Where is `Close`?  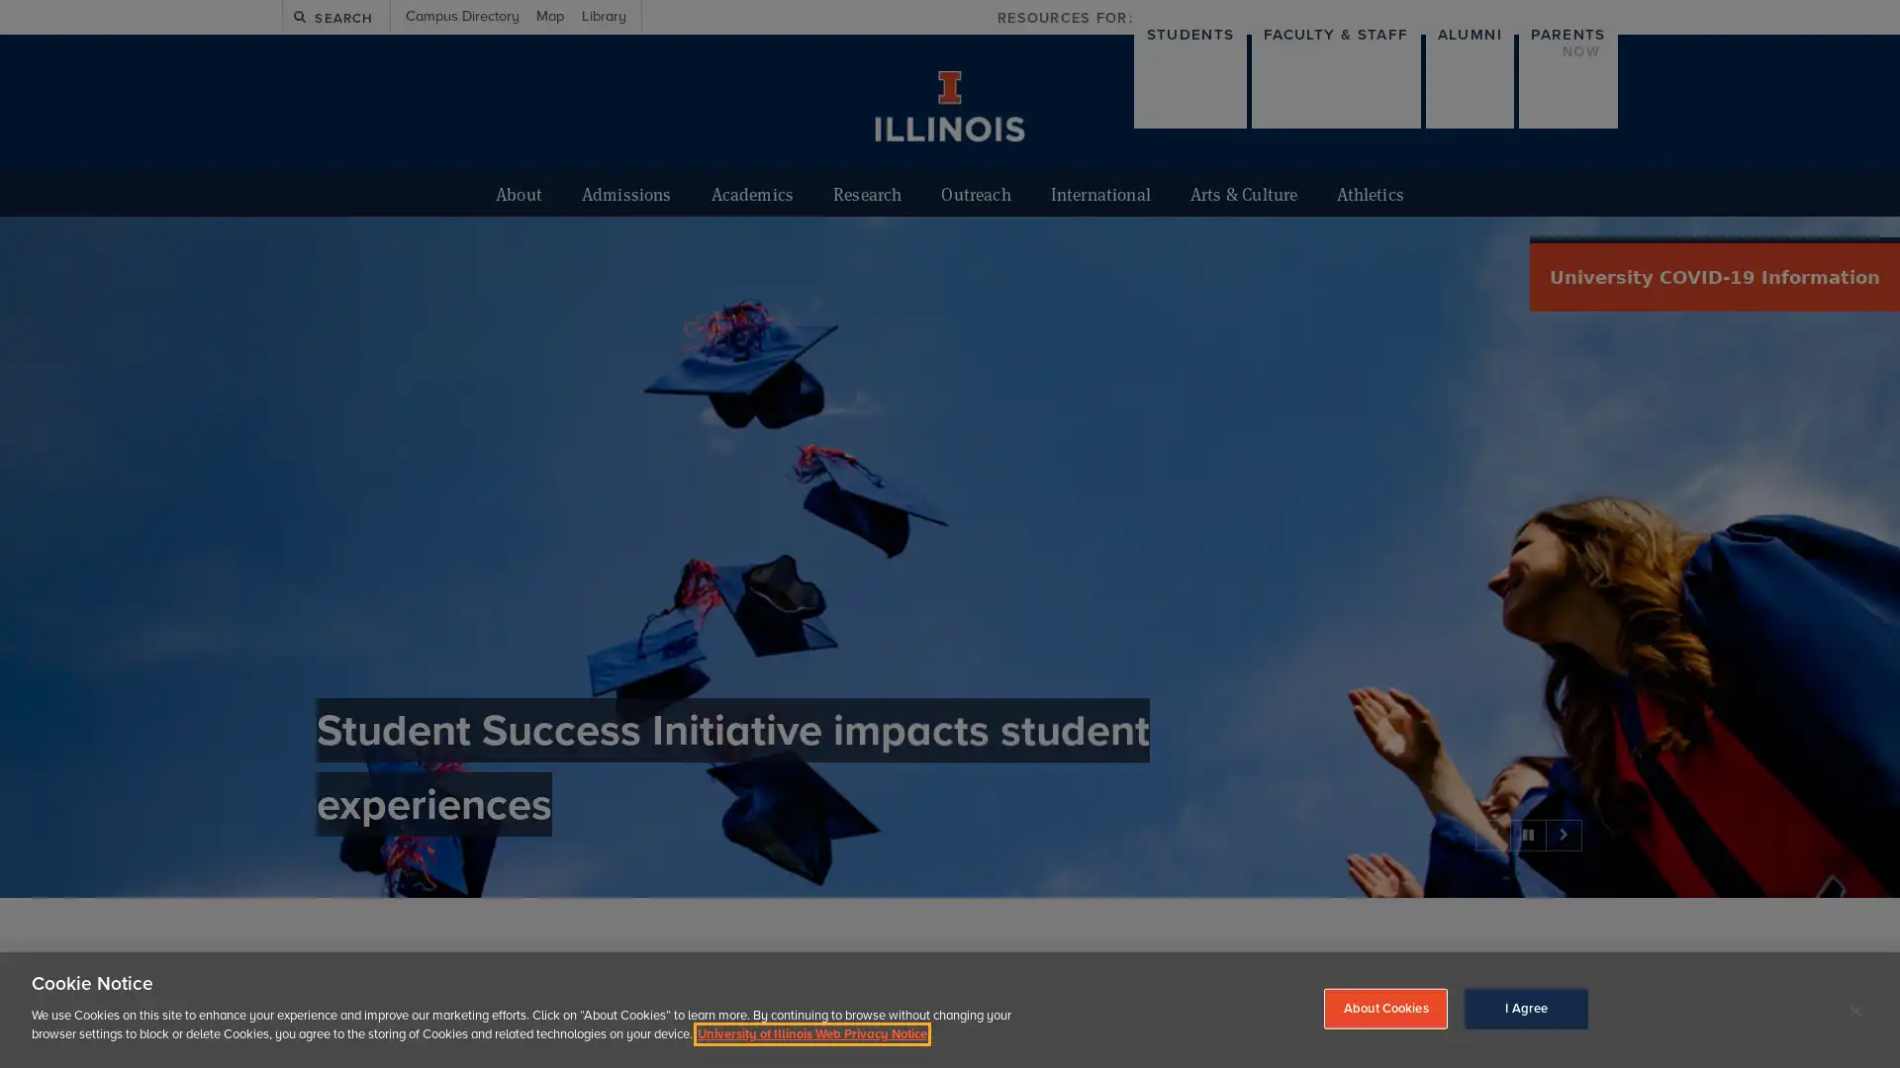
Close is located at coordinates (1853, 1010).